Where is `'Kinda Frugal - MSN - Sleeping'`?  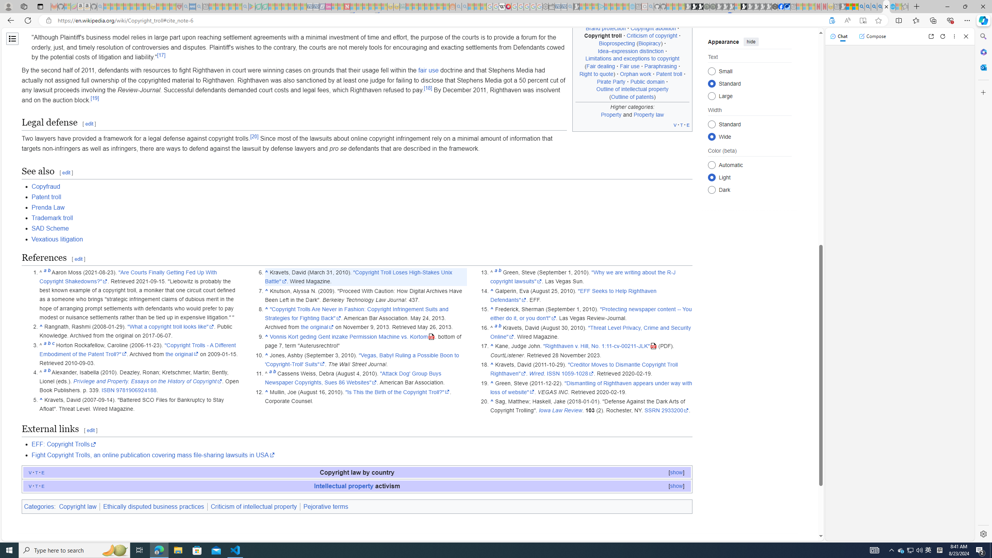 'Kinda Frugal - MSN - Sleeping' is located at coordinates (434, 6).